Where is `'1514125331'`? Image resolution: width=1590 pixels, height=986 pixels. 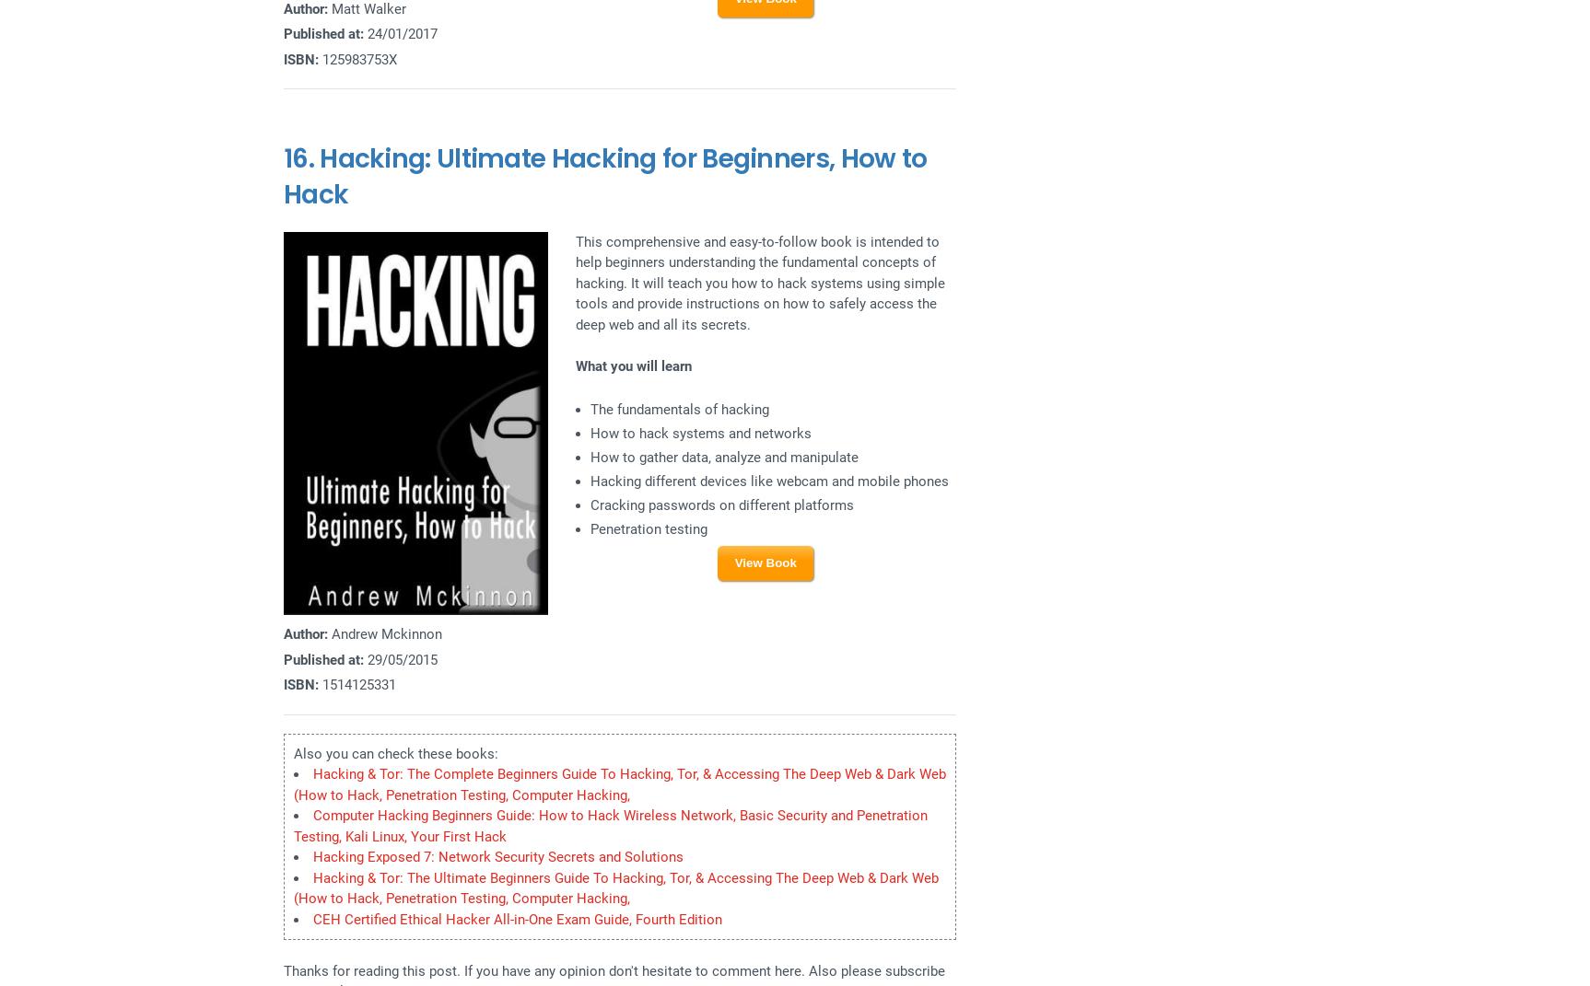 '1514125331' is located at coordinates (357, 685).